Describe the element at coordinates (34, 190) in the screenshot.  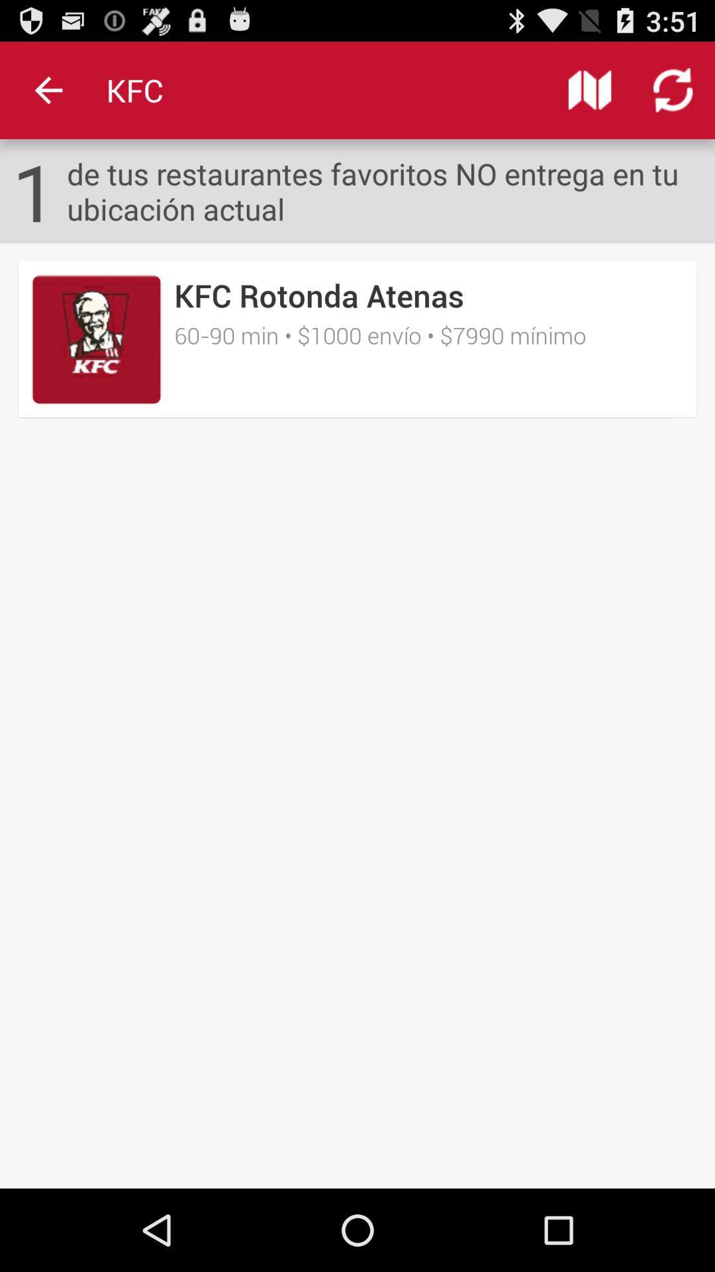
I see `the item next to de tus restaurantes icon` at that location.